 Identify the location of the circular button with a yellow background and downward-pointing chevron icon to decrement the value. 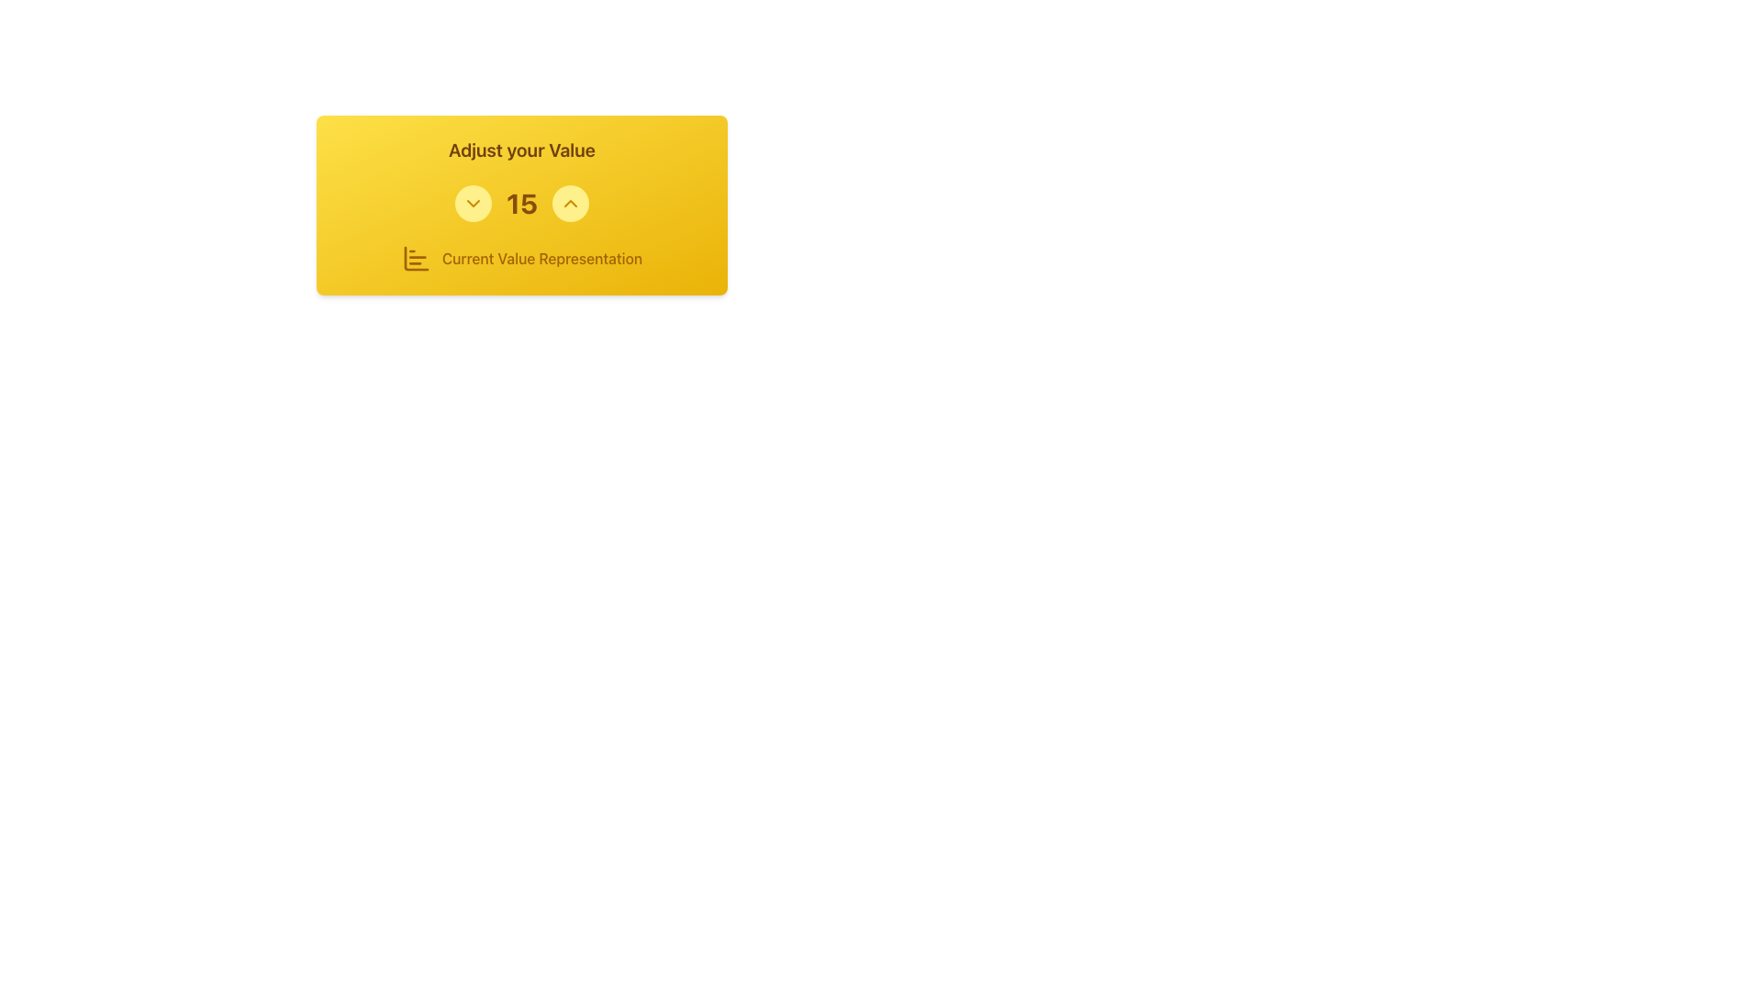
(474, 204).